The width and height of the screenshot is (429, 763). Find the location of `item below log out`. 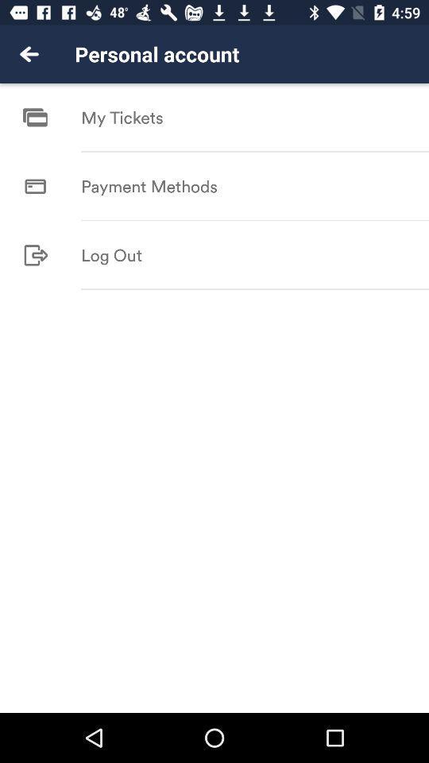

item below log out is located at coordinates (255, 289).